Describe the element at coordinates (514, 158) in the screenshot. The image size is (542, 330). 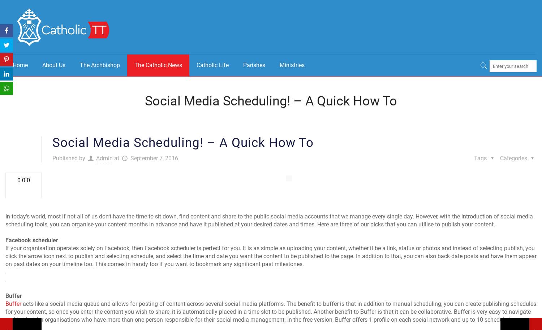
I see `'Categories'` at that location.